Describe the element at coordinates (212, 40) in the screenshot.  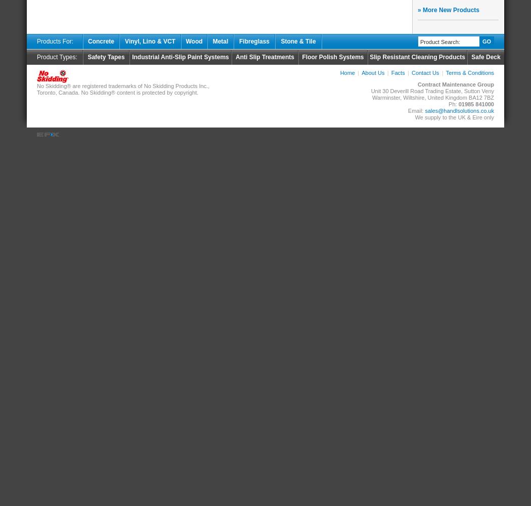
I see `'Metal'` at that location.